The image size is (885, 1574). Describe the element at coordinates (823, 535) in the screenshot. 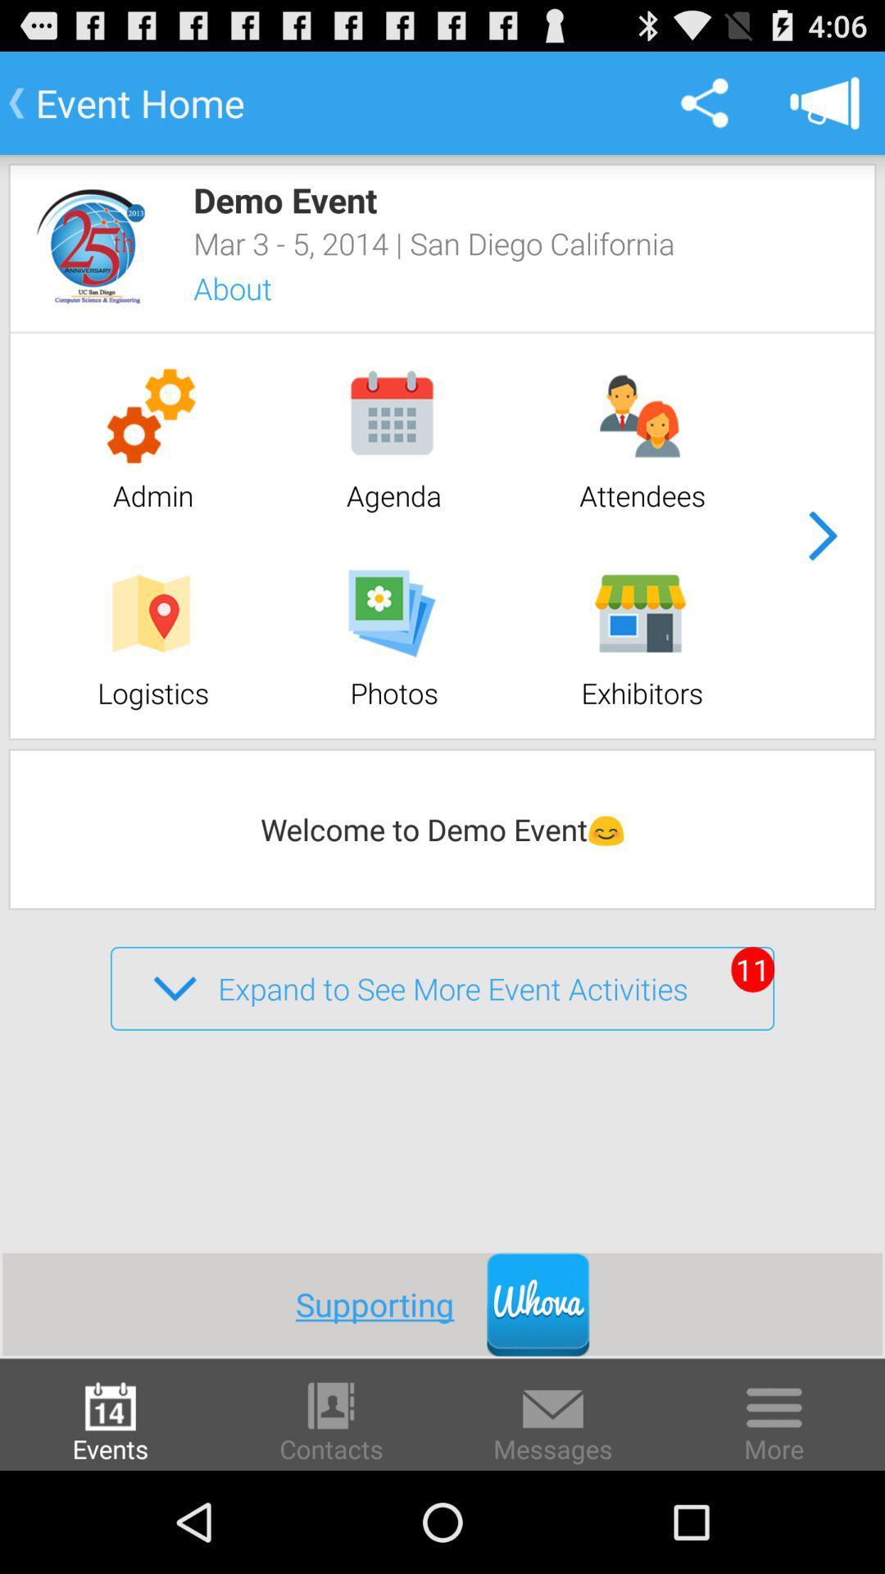

I see `go forward` at that location.